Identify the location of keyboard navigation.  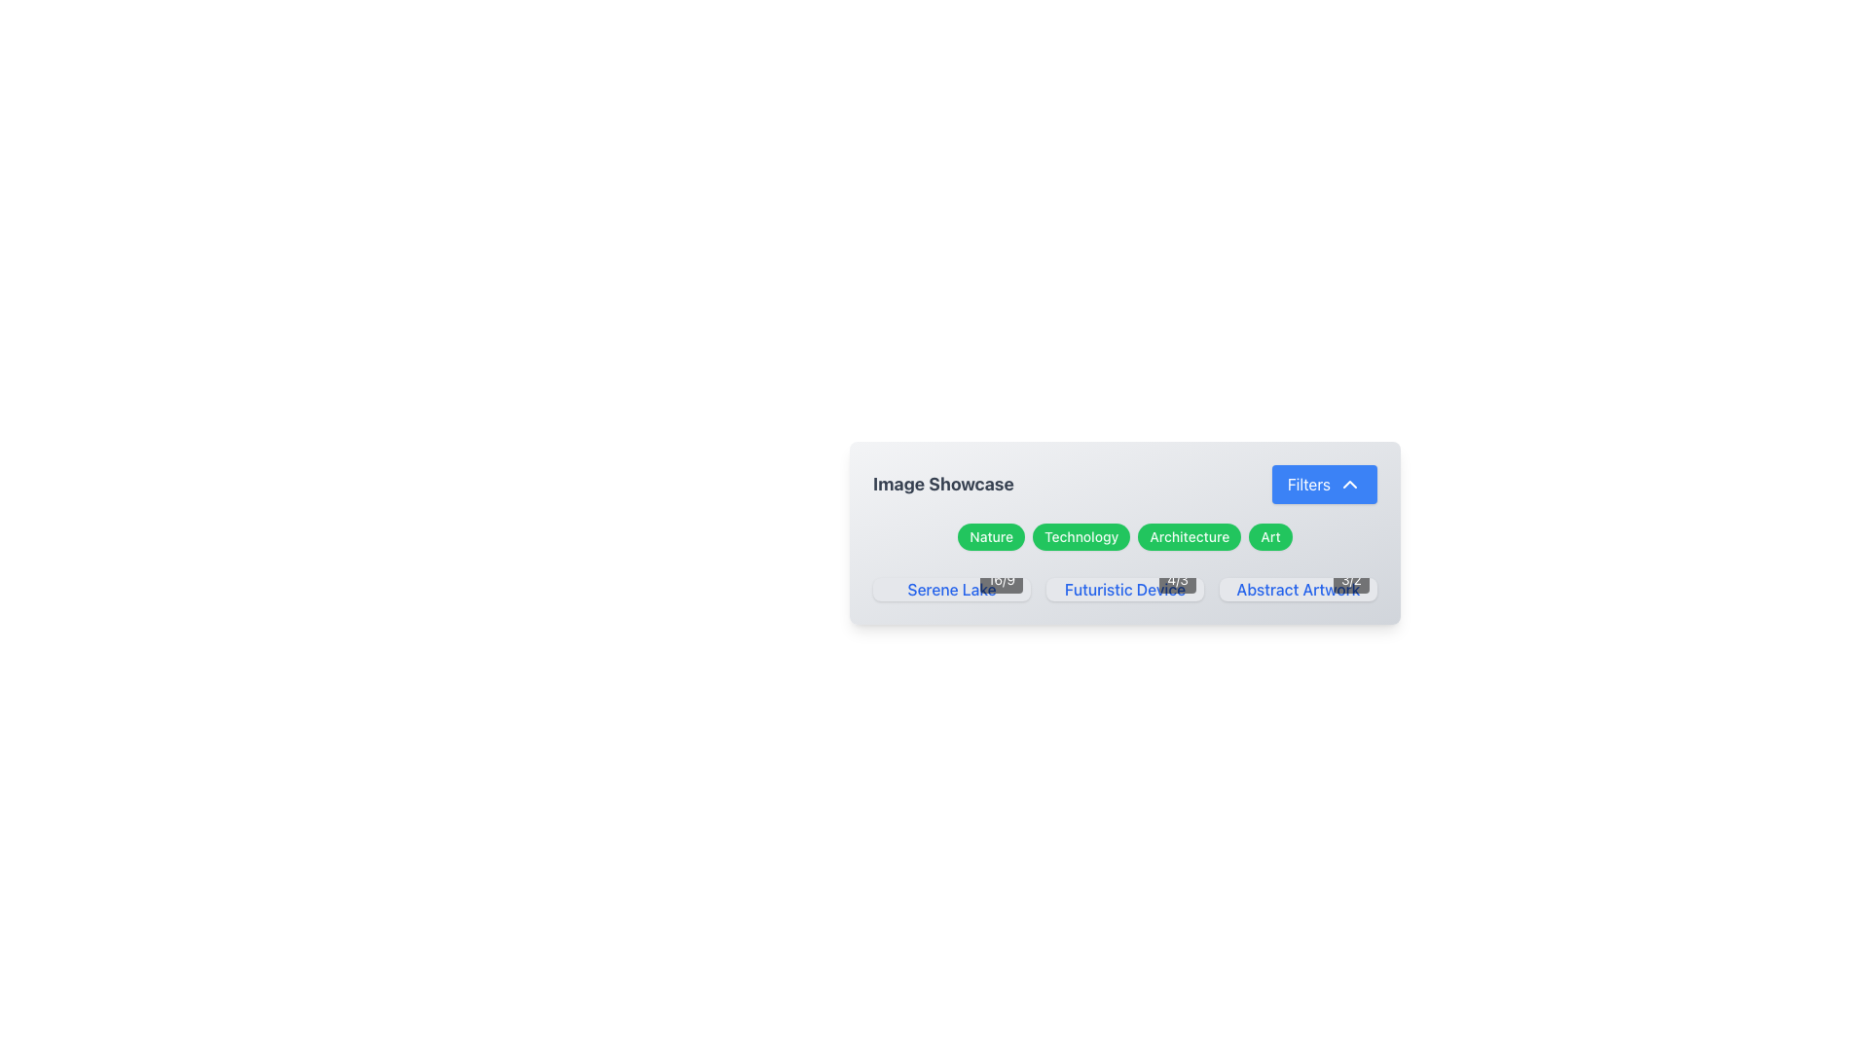
(952, 588).